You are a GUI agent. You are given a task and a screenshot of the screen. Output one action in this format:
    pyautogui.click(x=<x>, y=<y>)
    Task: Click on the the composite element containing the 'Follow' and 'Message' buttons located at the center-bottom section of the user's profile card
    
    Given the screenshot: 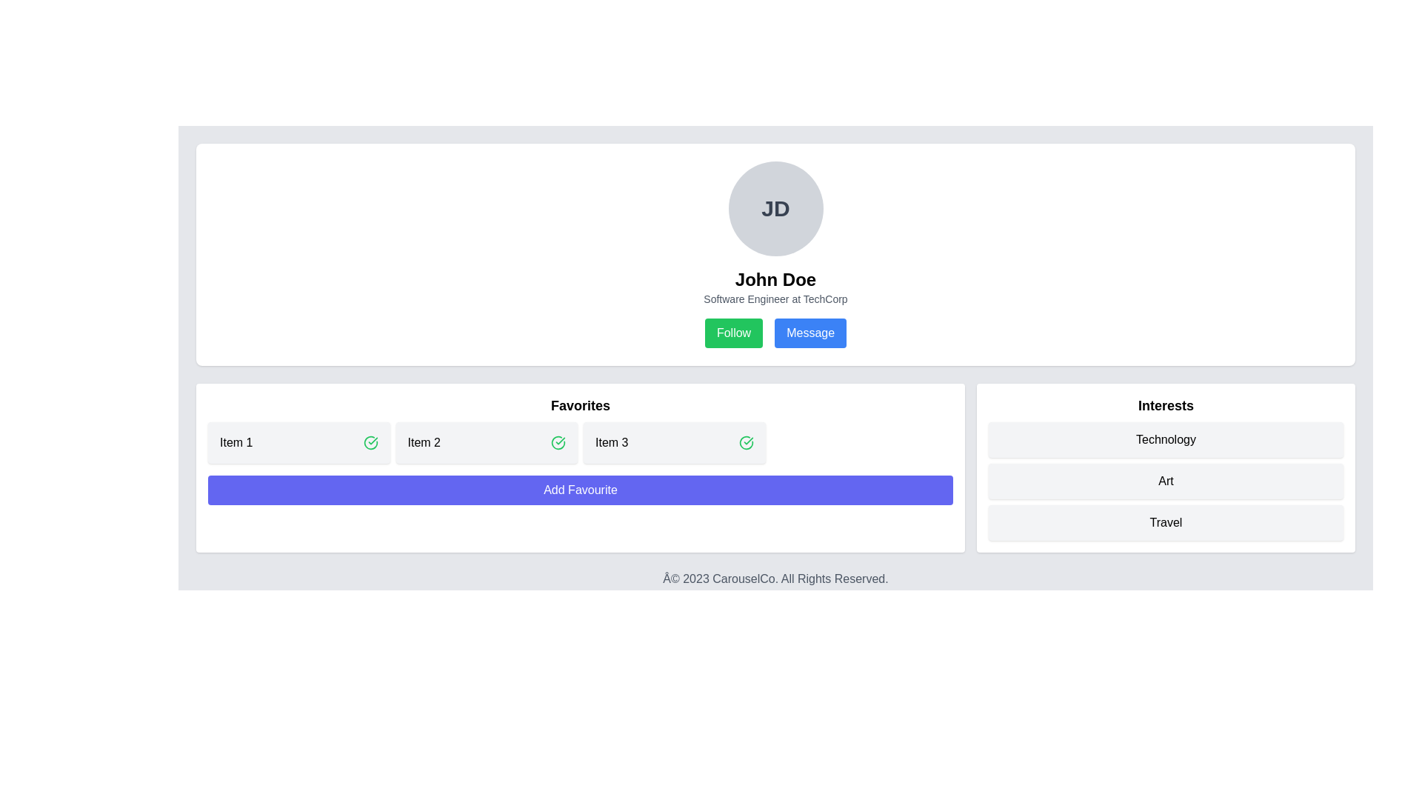 What is the action you would take?
    pyautogui.click(x=775, y=333)
    